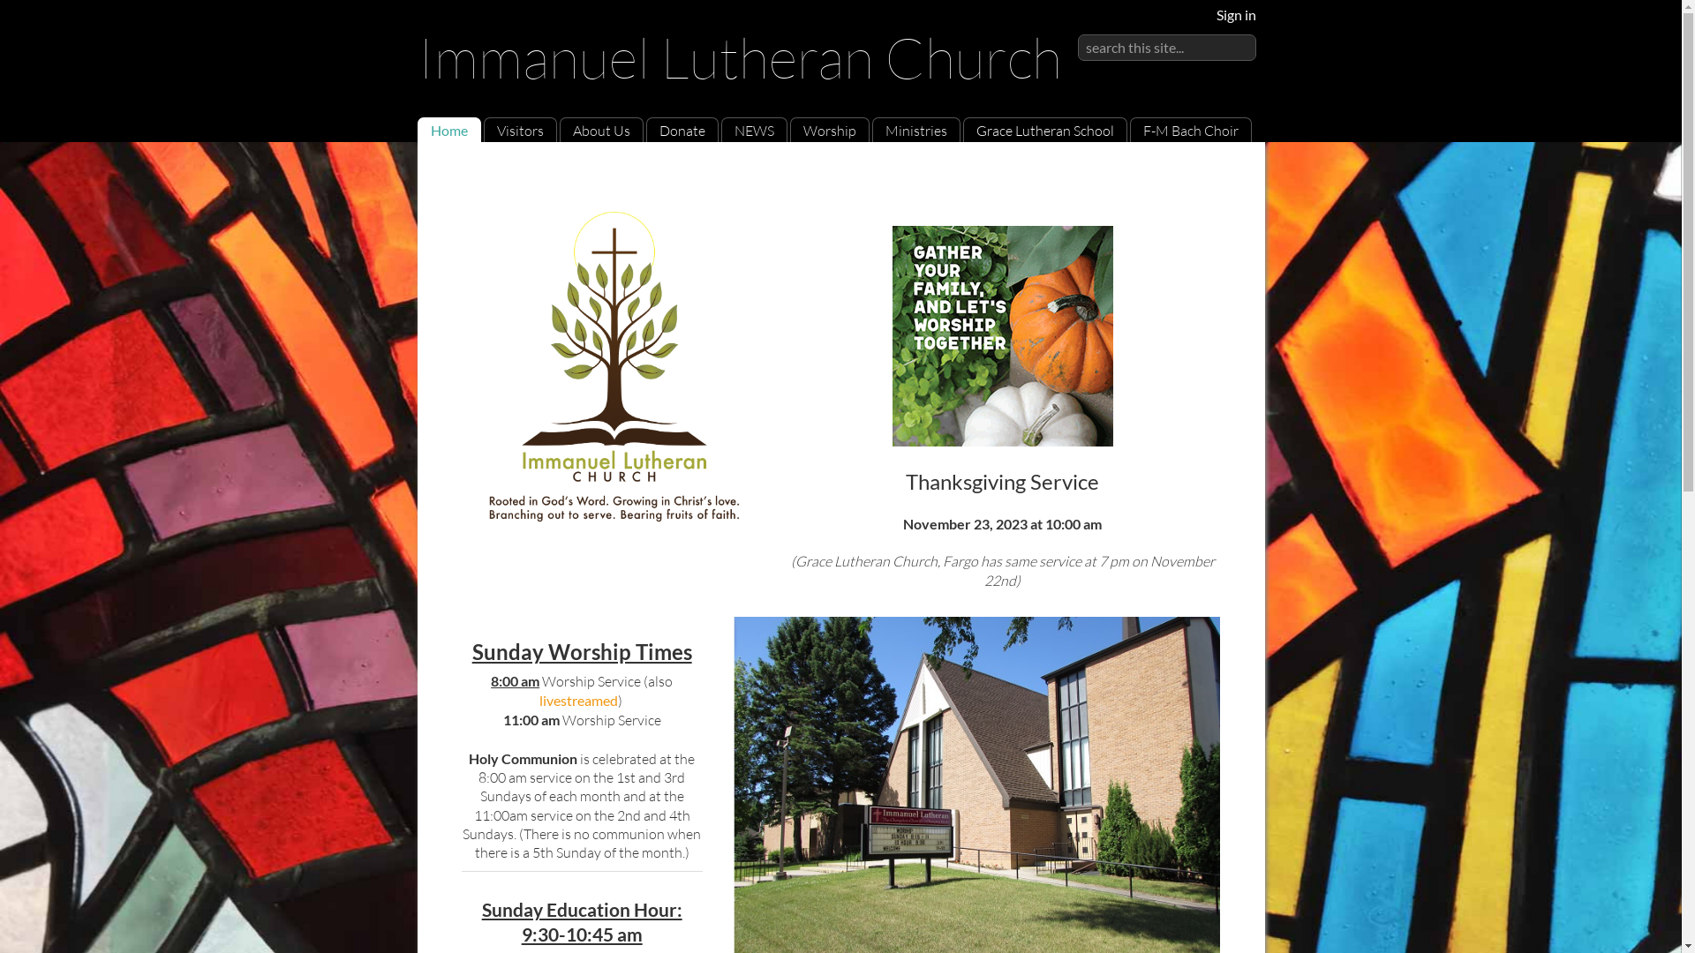 This screenshot has width=1695, height=953. What do you see at coordinates (657, 129) in the screenshot?
I see `'Donate'` at bounding box center [657, 129].